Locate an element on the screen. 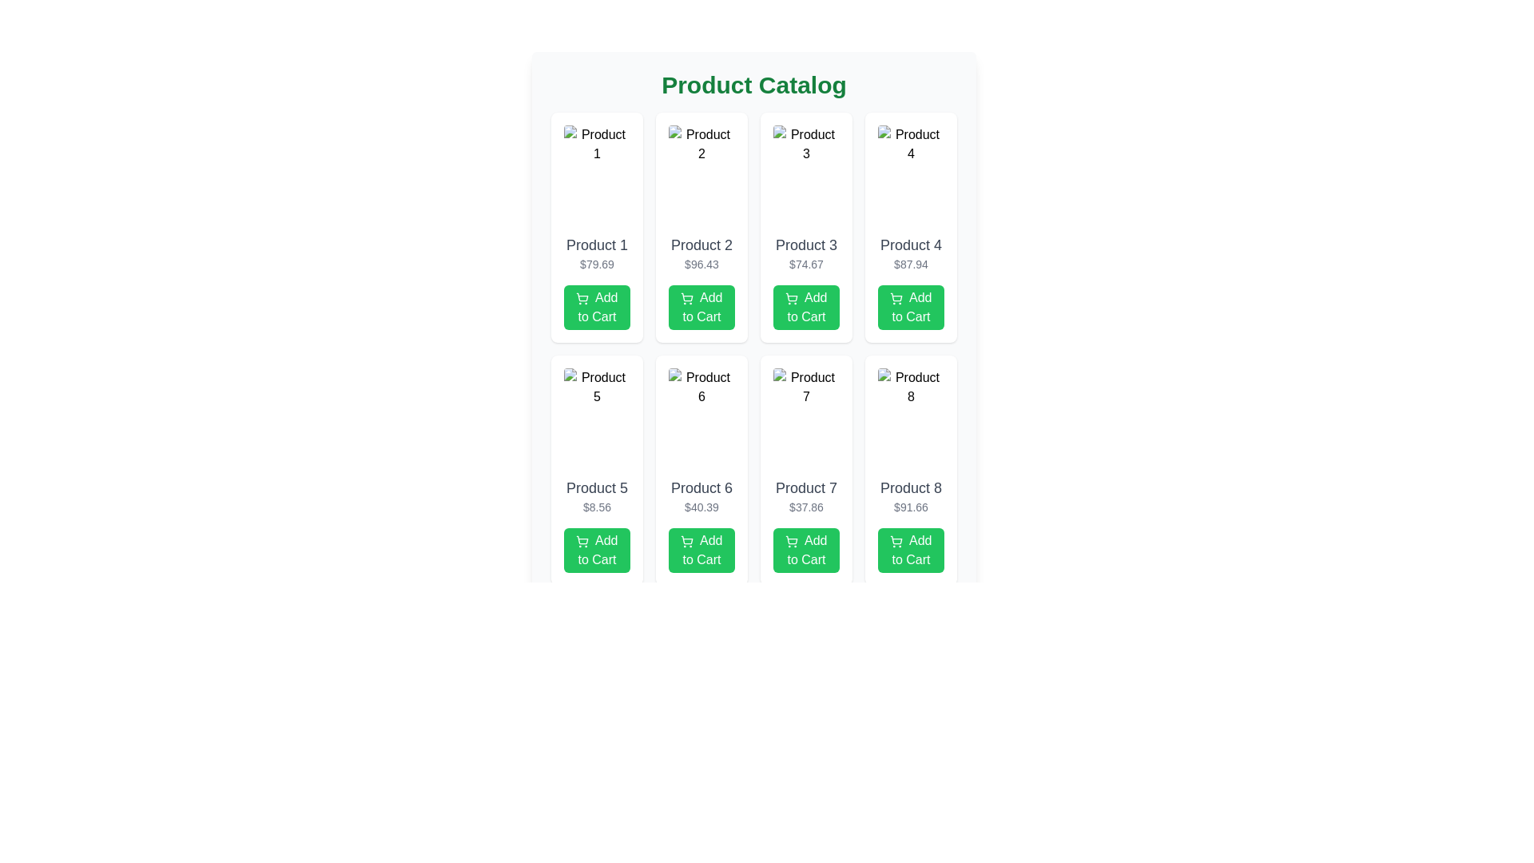  the green 'Add to Cart' button with white text and a shopping cart icon located at the bottom right corner of the card for 'Product 4' to visualize its hover state is located at coordinates (911, 308).